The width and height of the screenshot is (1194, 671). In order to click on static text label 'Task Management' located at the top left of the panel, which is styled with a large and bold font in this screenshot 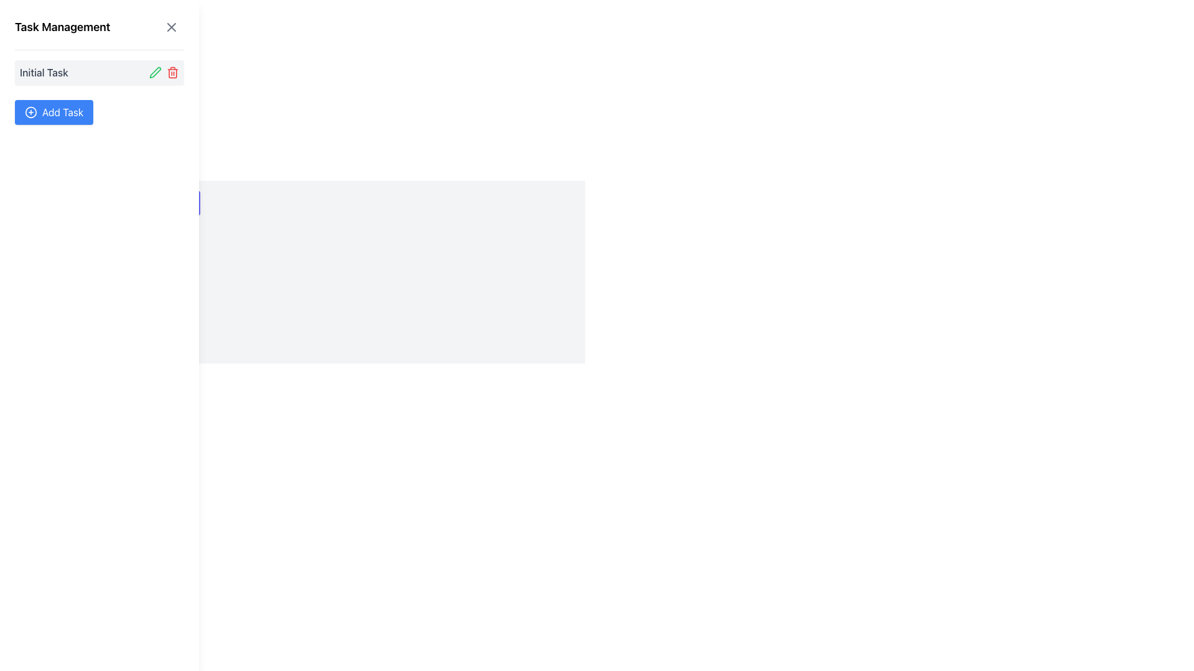, I will do `click(62, 27)`.